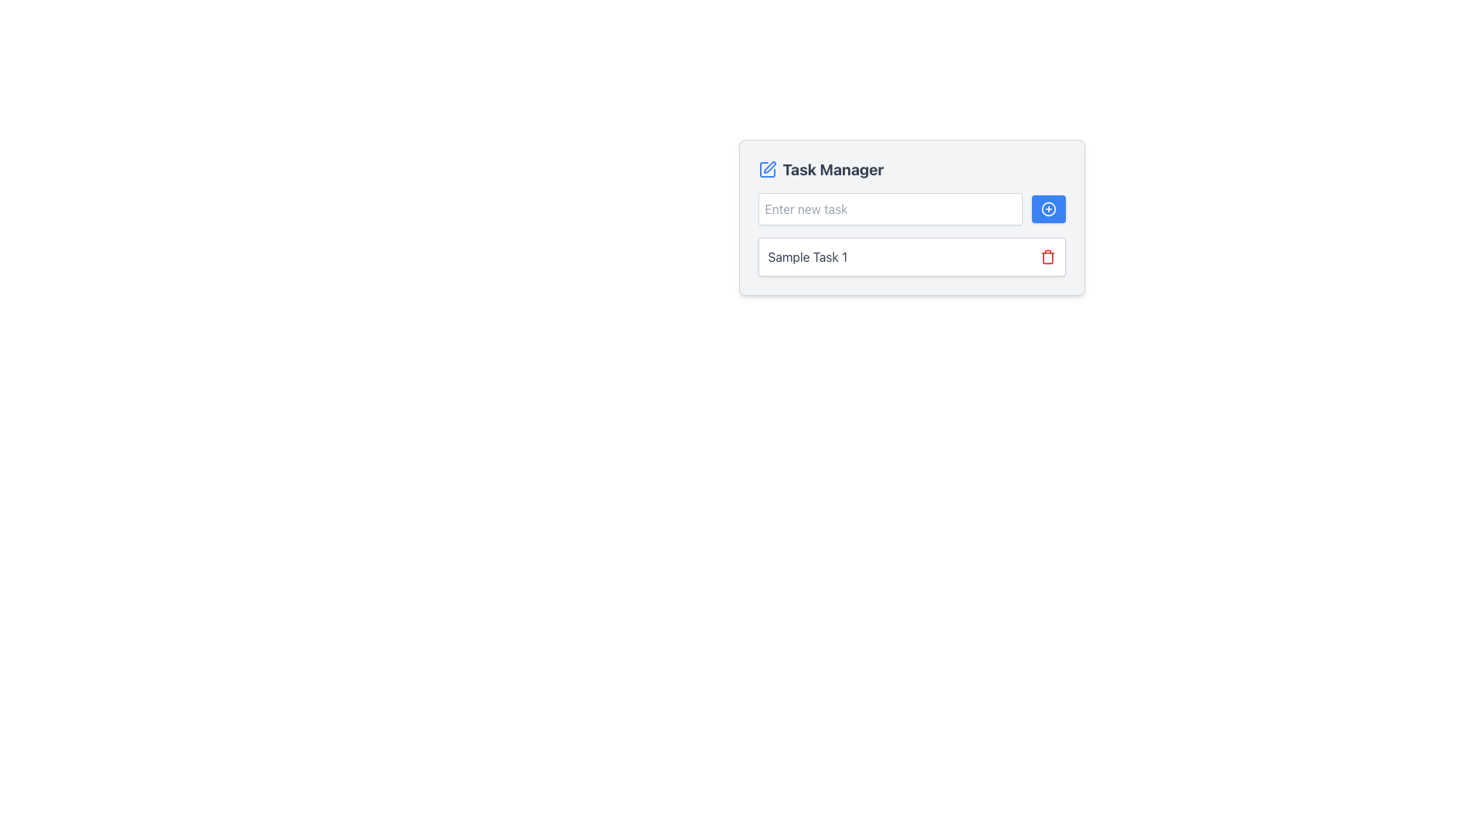  Describe the element at coordinates (806, 256) in the screenshot. I see `the static text element reading 'Sample Task 1'` at that location.